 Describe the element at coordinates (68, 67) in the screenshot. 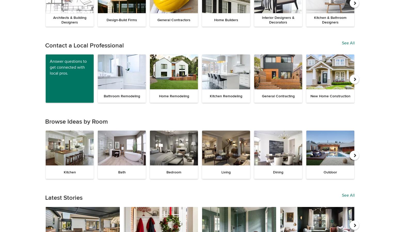

I see `'Answer questions to get connected with local pros.'` at that location.